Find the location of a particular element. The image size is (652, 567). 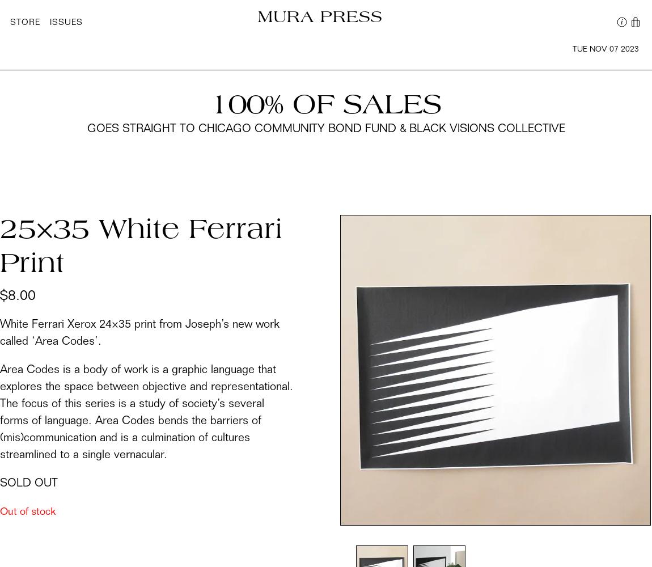

'Issues' is located at coordinates (49, 23).